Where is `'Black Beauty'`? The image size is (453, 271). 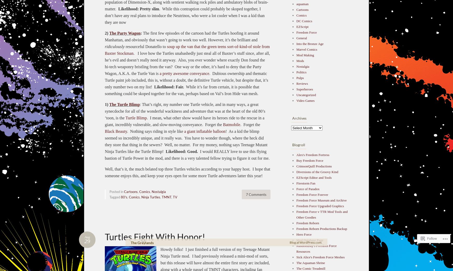
'Black Beauty' is located at coordinates (116, 131).